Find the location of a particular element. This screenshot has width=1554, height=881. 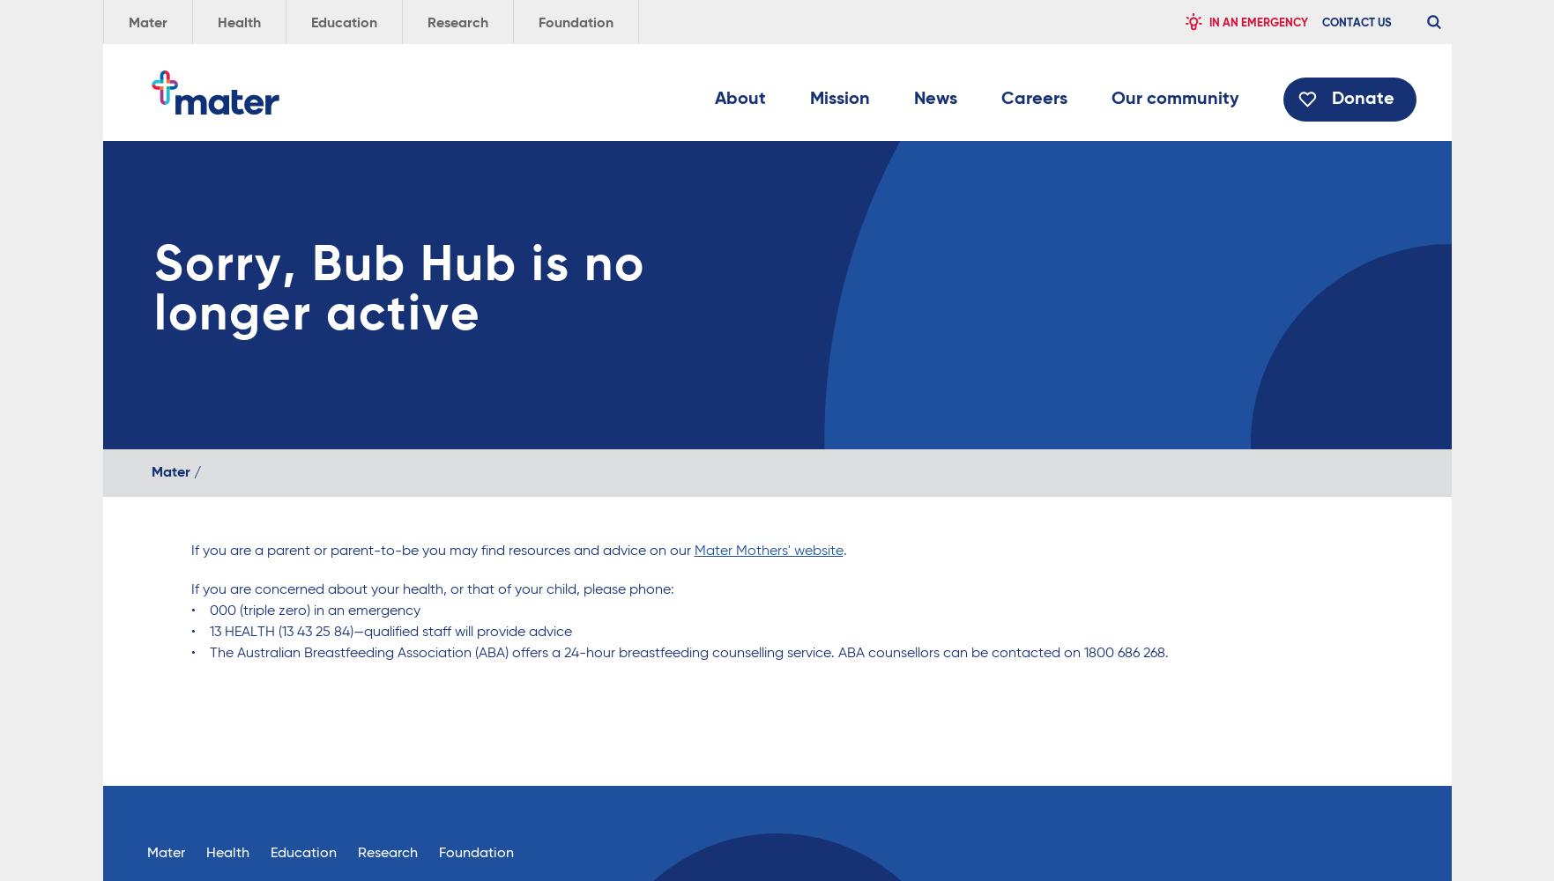

'If you are concerned about your health, or that of your child, please phone:' is located at coordinates (431, 590).